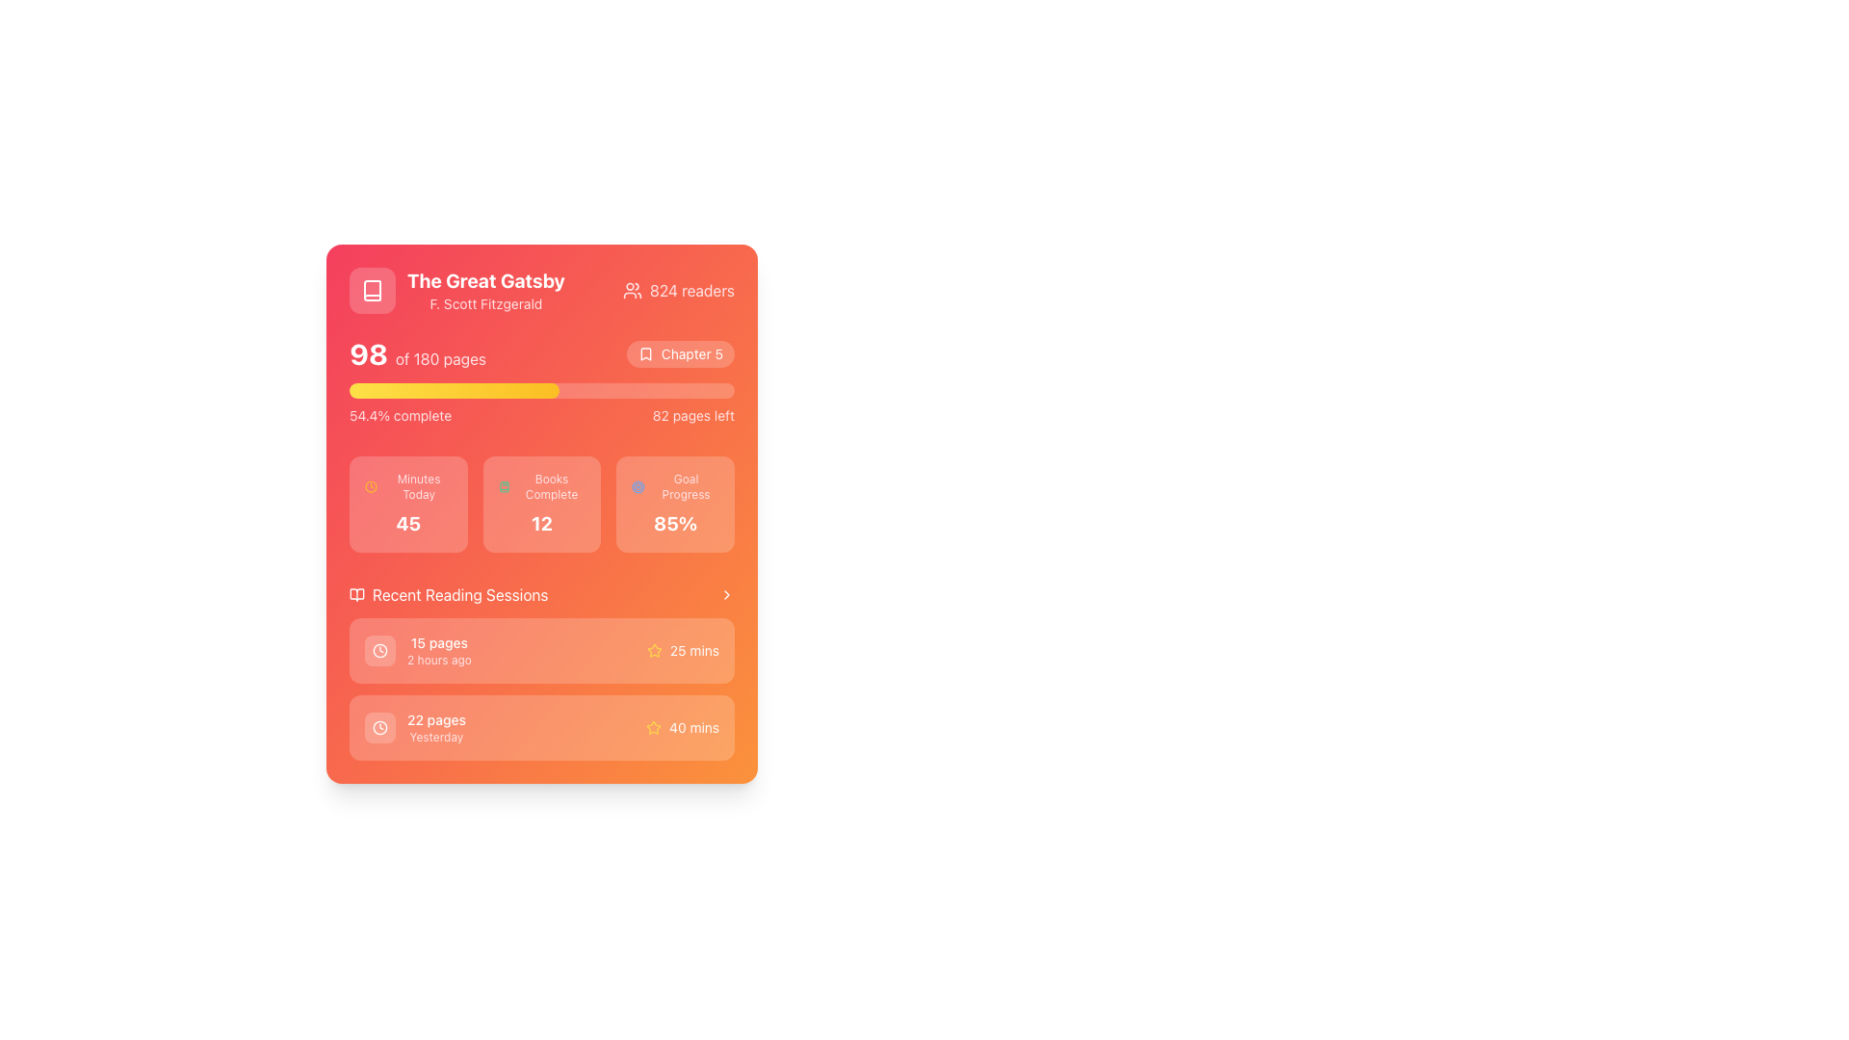 The width and height of the screenshot is (1849, 1040). What do you see at coordinates (435, 737) in the screenshot?
I see `static text label that indicates the timestamp information, which suggests the activity occurred 'Yesterday', located below the '22 pages' label in the Recent Reading Sessions card` at bounding box center [435, 737].